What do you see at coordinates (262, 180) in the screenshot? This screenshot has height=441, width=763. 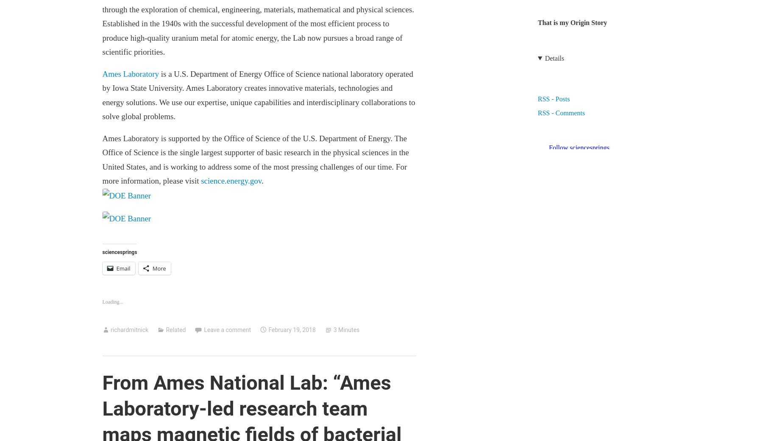 I see `'.'` at bounding box center [262, 180].